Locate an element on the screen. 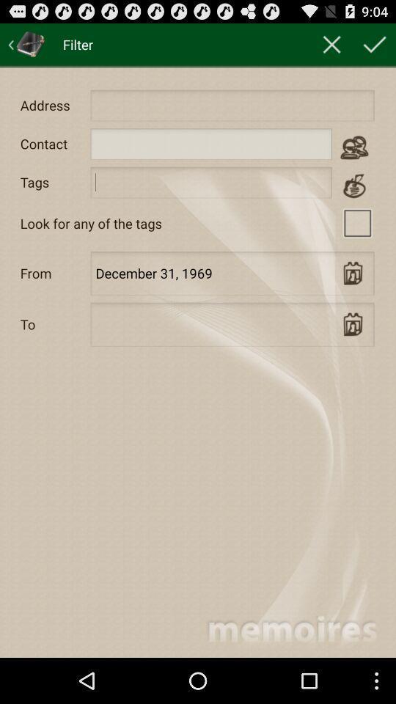  the arrow_backward icon is located at coordinates (26, 47).